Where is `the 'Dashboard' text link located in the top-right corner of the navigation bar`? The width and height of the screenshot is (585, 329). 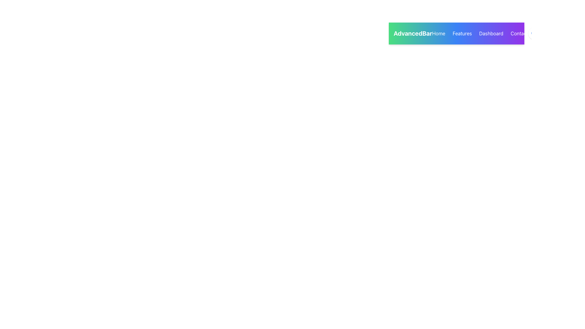 the 'Dashboard' text link located in the top-right corner of the navigation bar is located at coordinates (491, 34).